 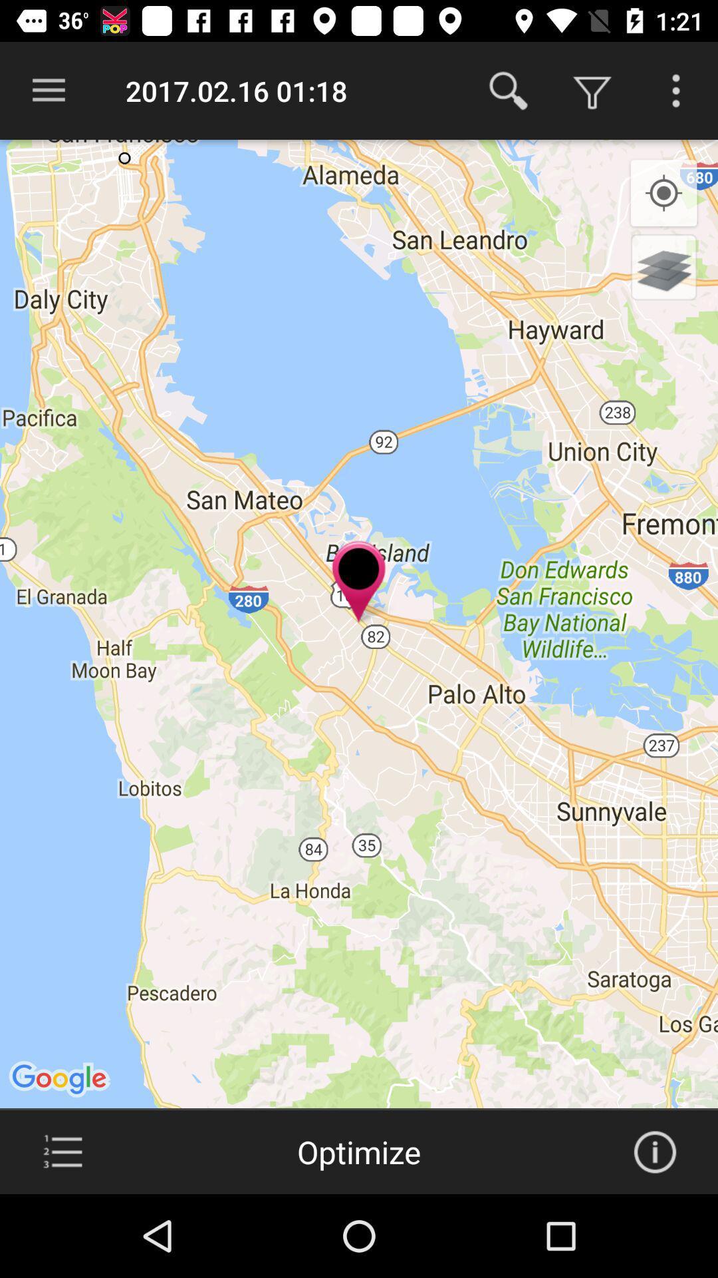 What do you see at coordinates (676, 90) in the screenshot?
I see `more options` at bounding box center [676, 90].